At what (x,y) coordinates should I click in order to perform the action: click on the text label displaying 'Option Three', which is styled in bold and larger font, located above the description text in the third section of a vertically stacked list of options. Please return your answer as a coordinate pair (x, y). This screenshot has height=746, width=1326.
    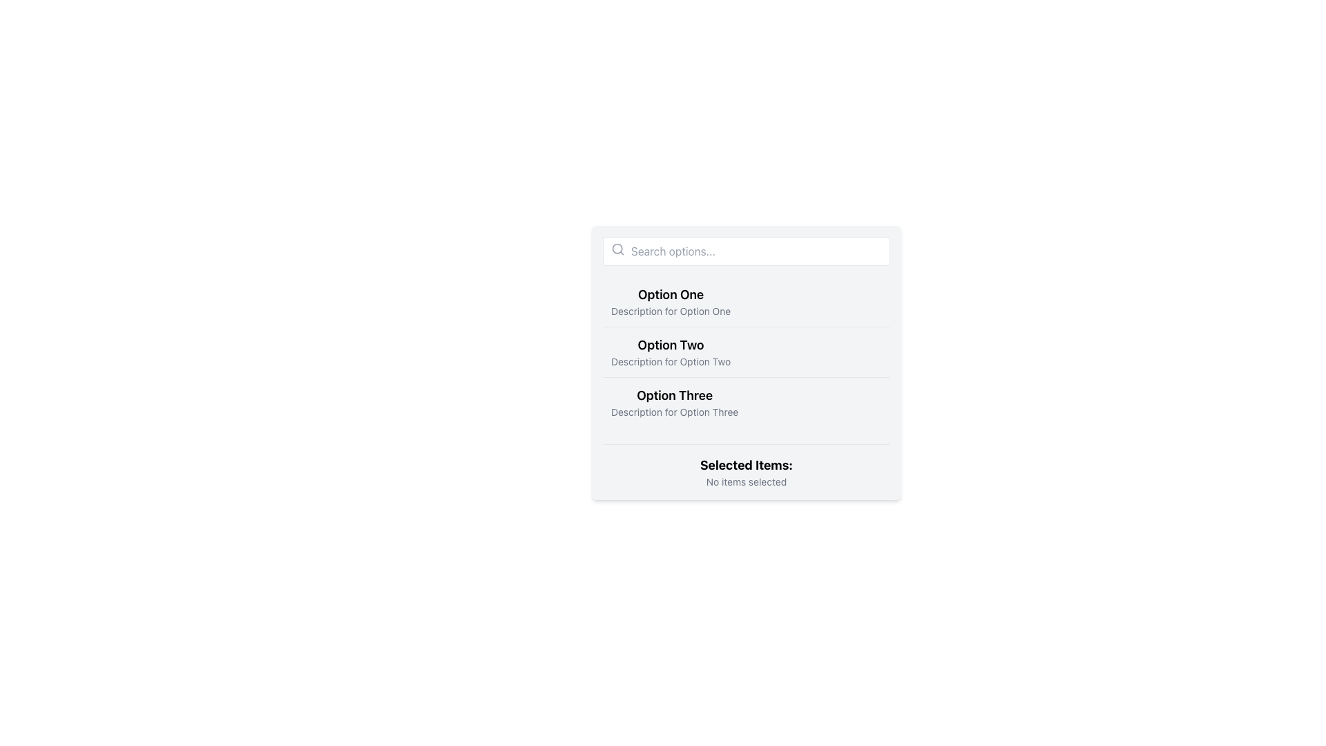
    Looking at the image, I should click on (675, 396).